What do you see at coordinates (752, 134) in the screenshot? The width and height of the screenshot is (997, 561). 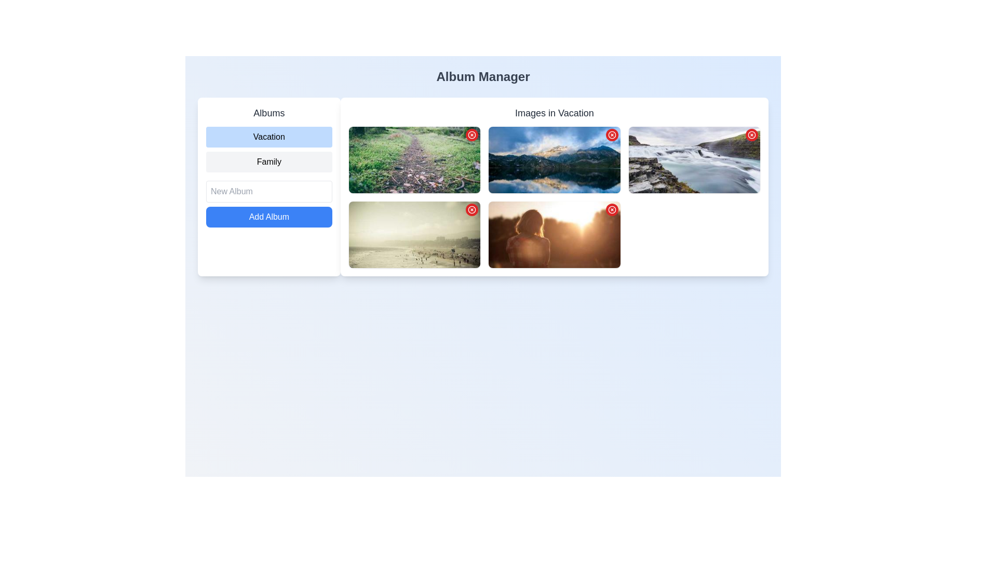 I see `the delete icon located at the top-right corner of the second image in the second row of the 'Images in Vacation' section` at bounding box center [752, 134].